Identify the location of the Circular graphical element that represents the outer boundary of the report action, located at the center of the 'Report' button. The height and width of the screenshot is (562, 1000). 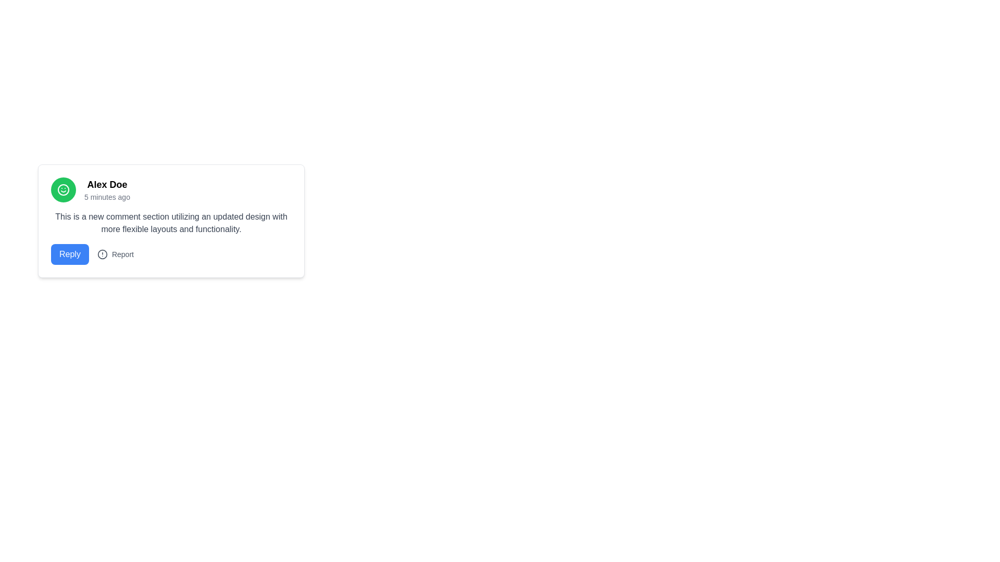
(102, 254).